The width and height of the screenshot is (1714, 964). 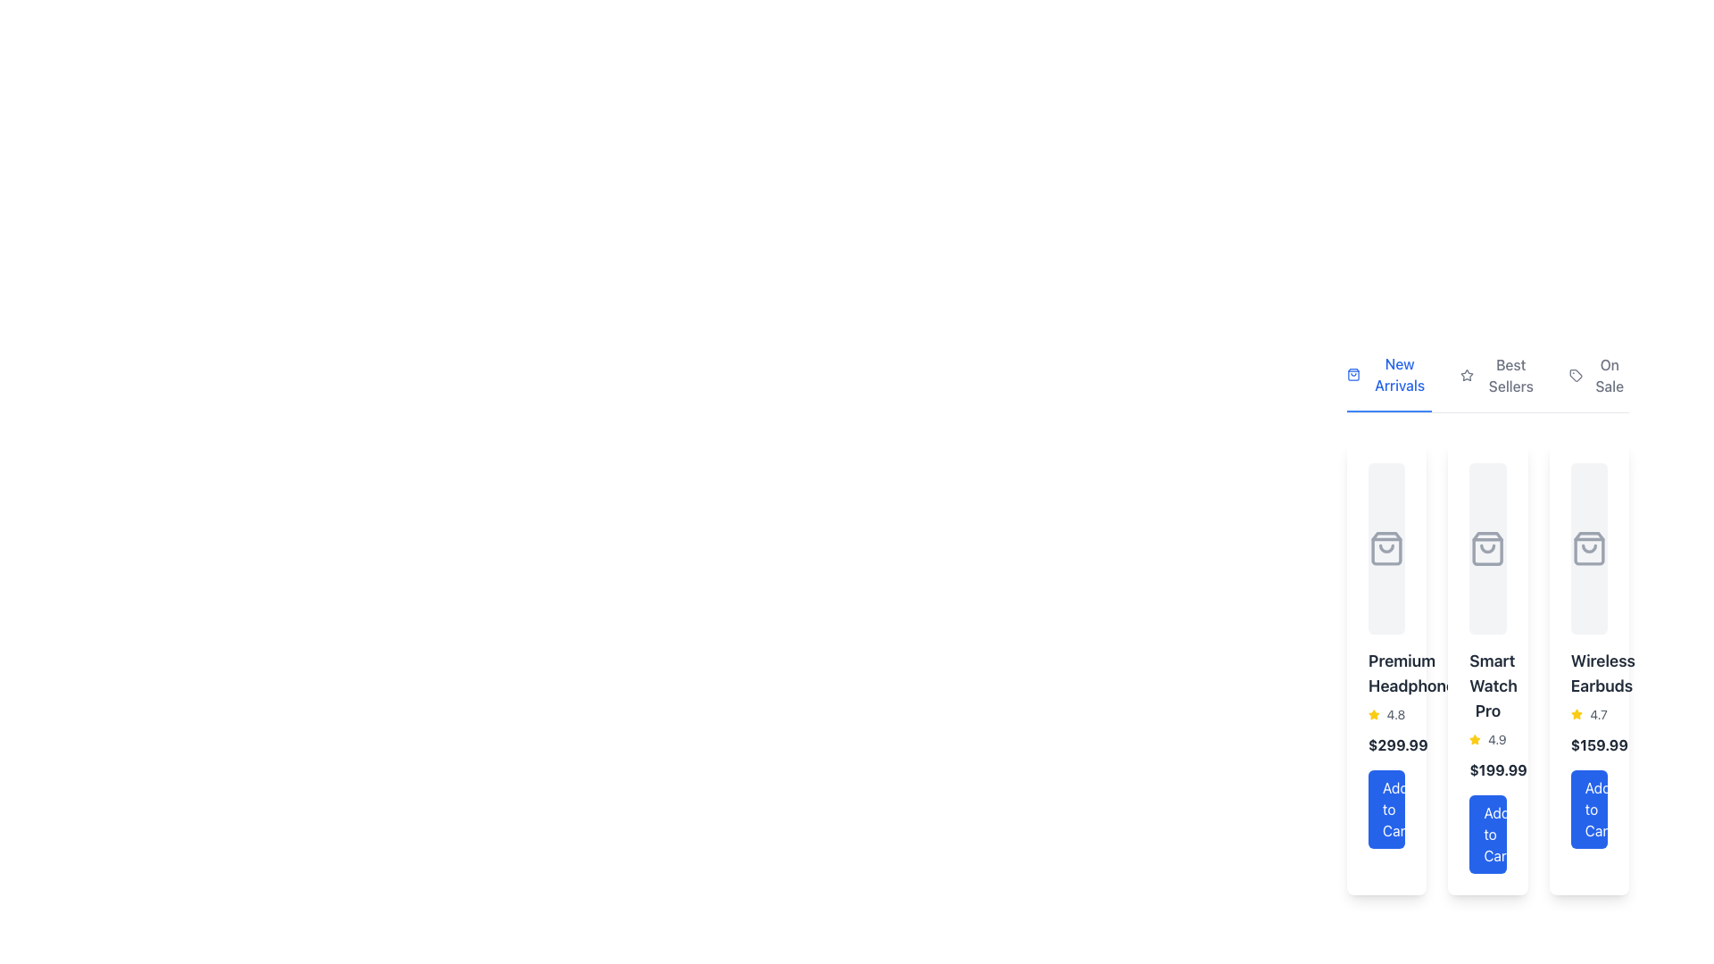 What do you see at coordinates (1589, 714) in the screenshot?
I see `the details of the star icon representing the user rating for the 'Wireless Earbuds' product, located beneath the title and above the price segment` at bounding box center [1589, 714].